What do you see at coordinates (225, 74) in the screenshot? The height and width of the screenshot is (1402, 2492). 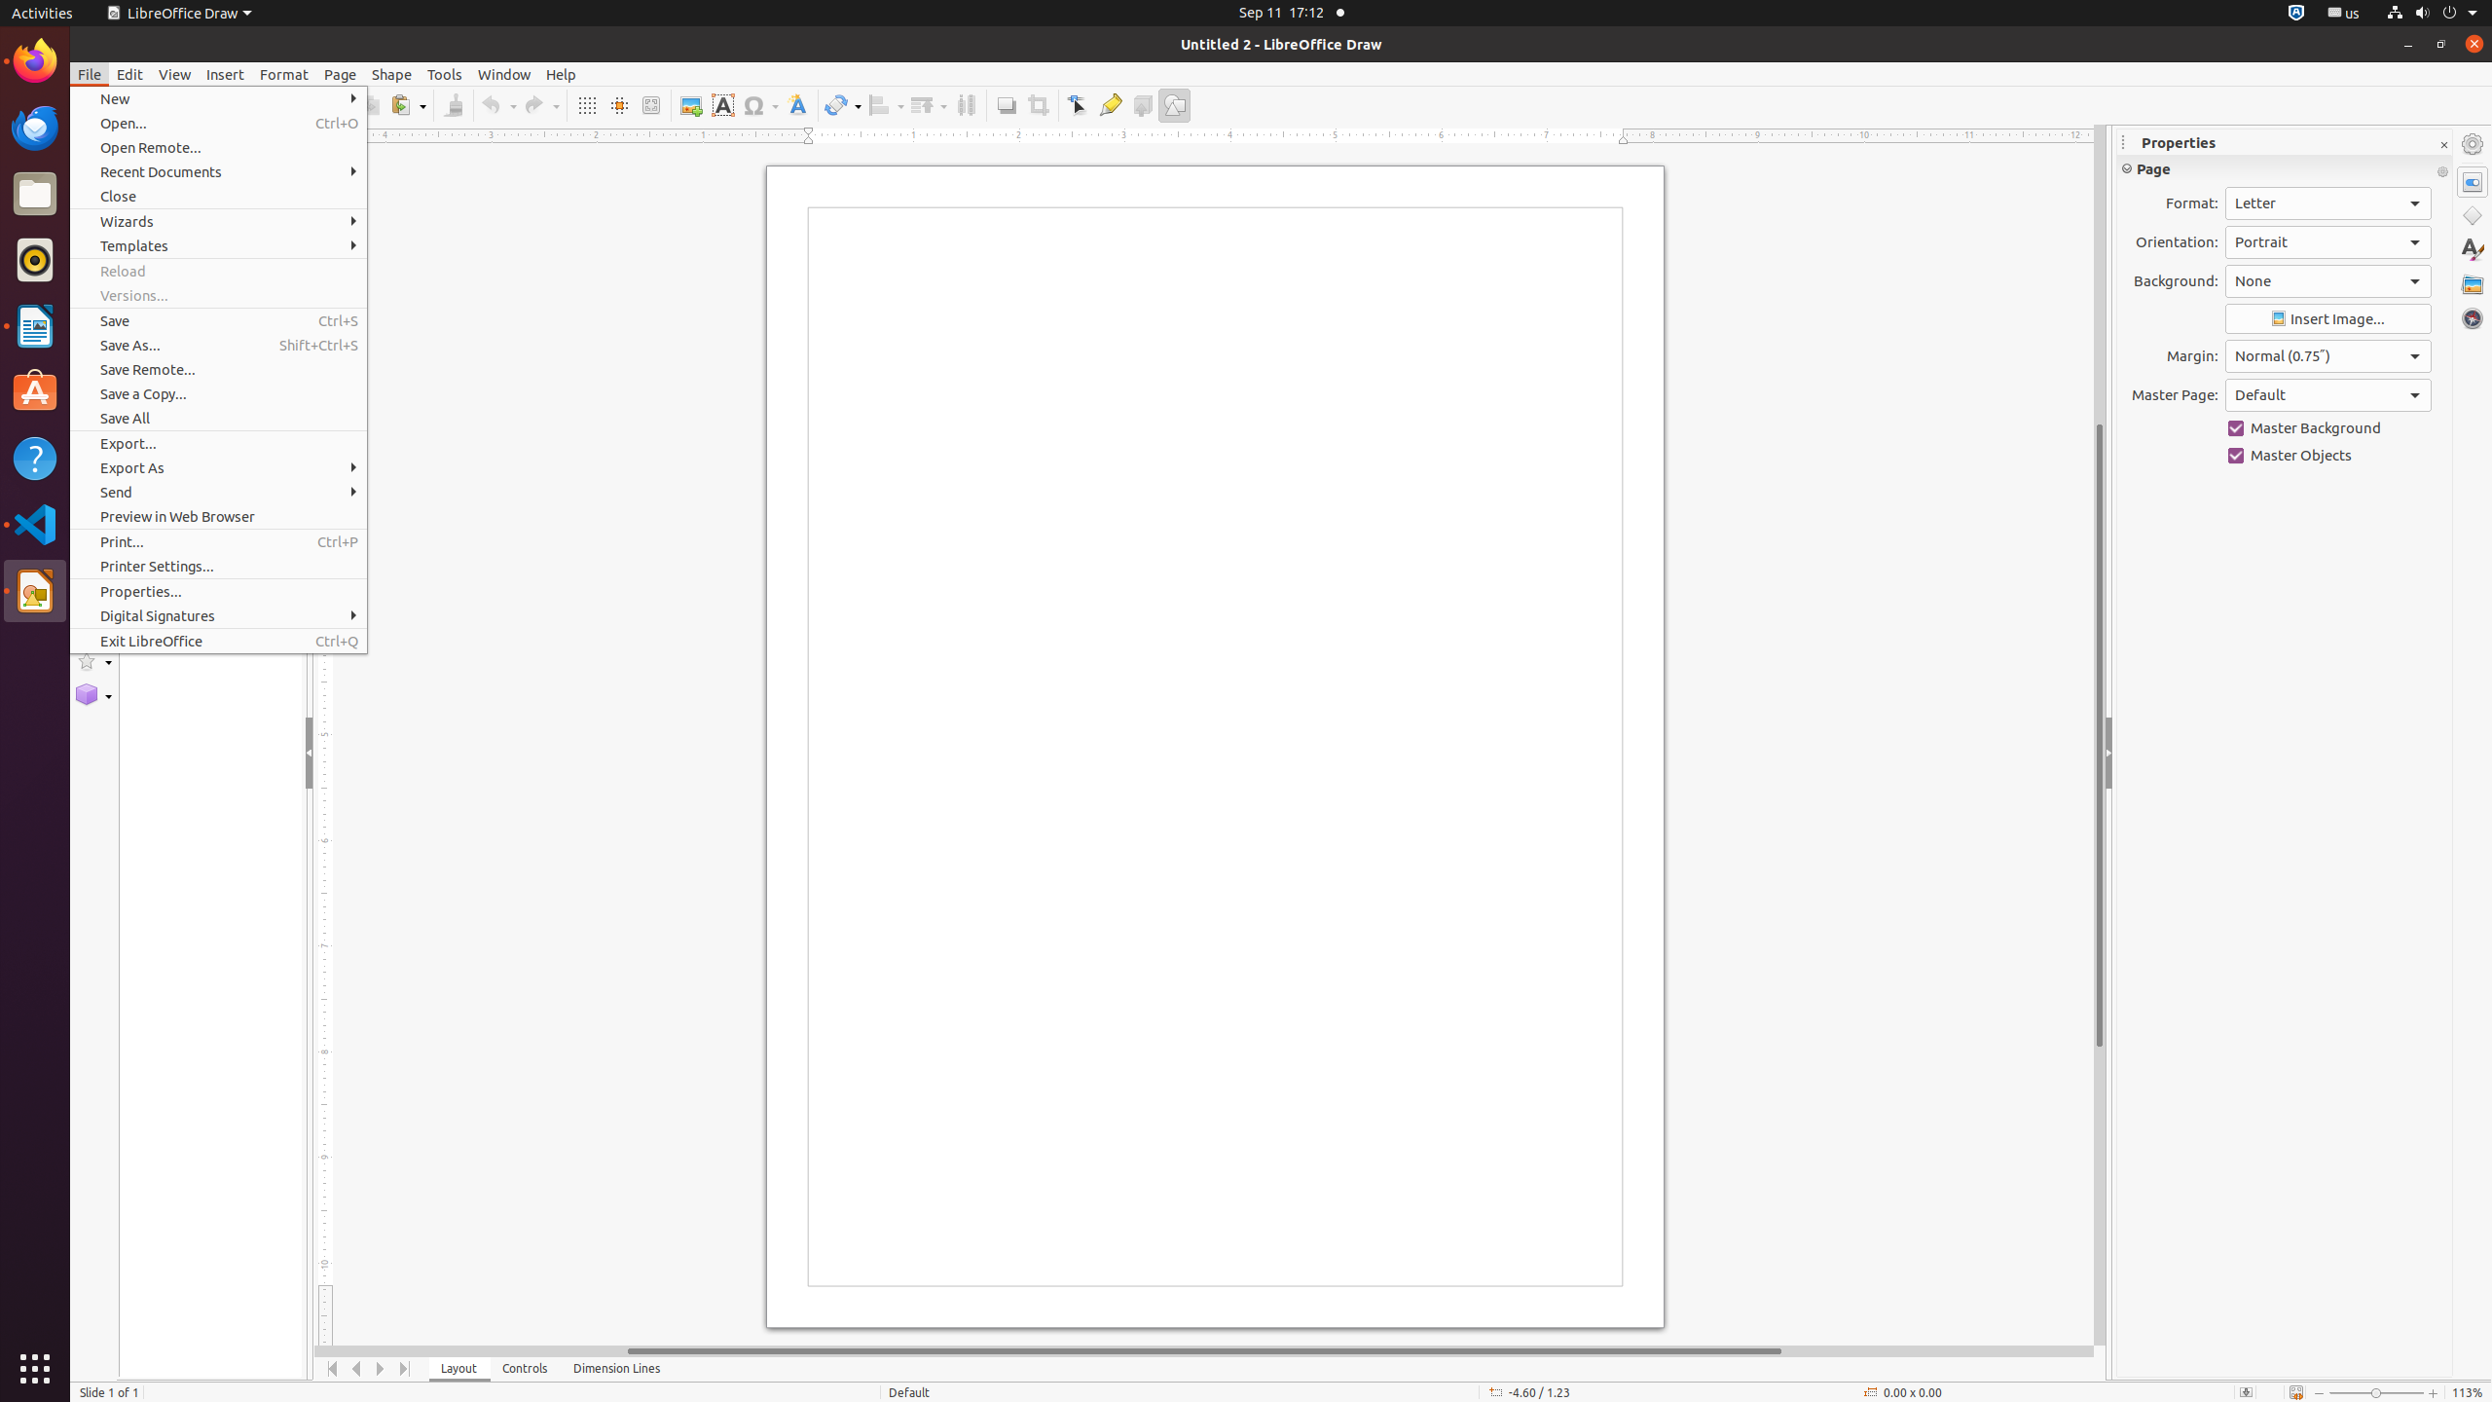 I see `'Insert'` at bounding box center [225, 74].